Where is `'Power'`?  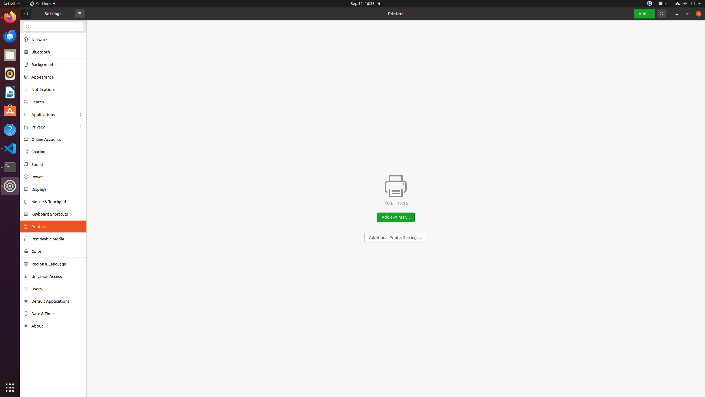 'Power' is located at coordinates (57, 176).